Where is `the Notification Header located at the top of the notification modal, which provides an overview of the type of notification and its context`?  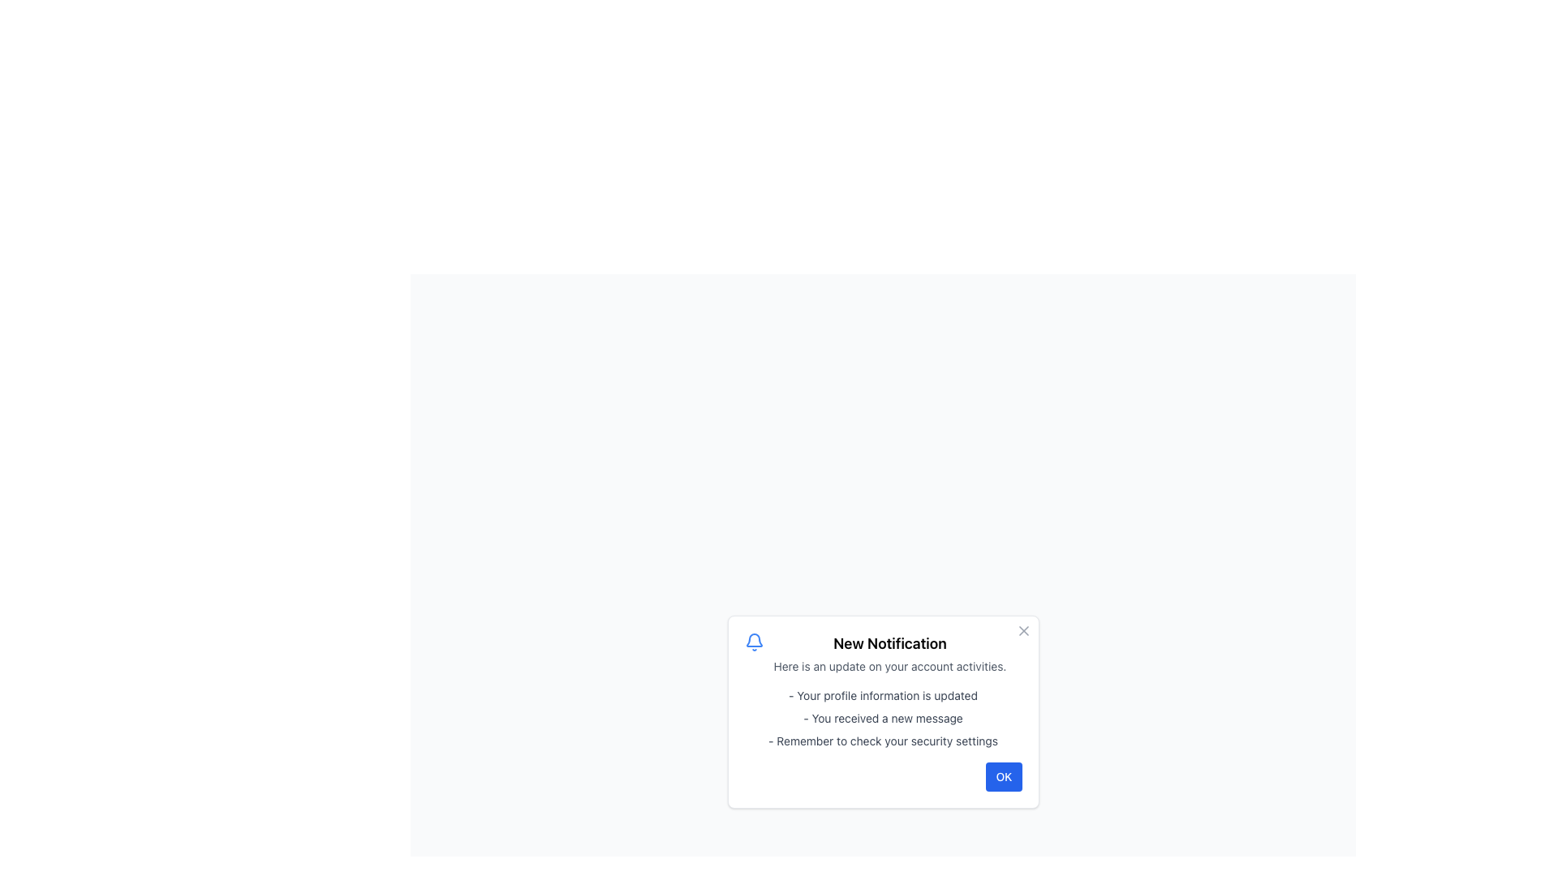 the Notification Header located at the top of the notification modal, which provides an overview of the type of notification and its context is located at coordinates (882, 653).